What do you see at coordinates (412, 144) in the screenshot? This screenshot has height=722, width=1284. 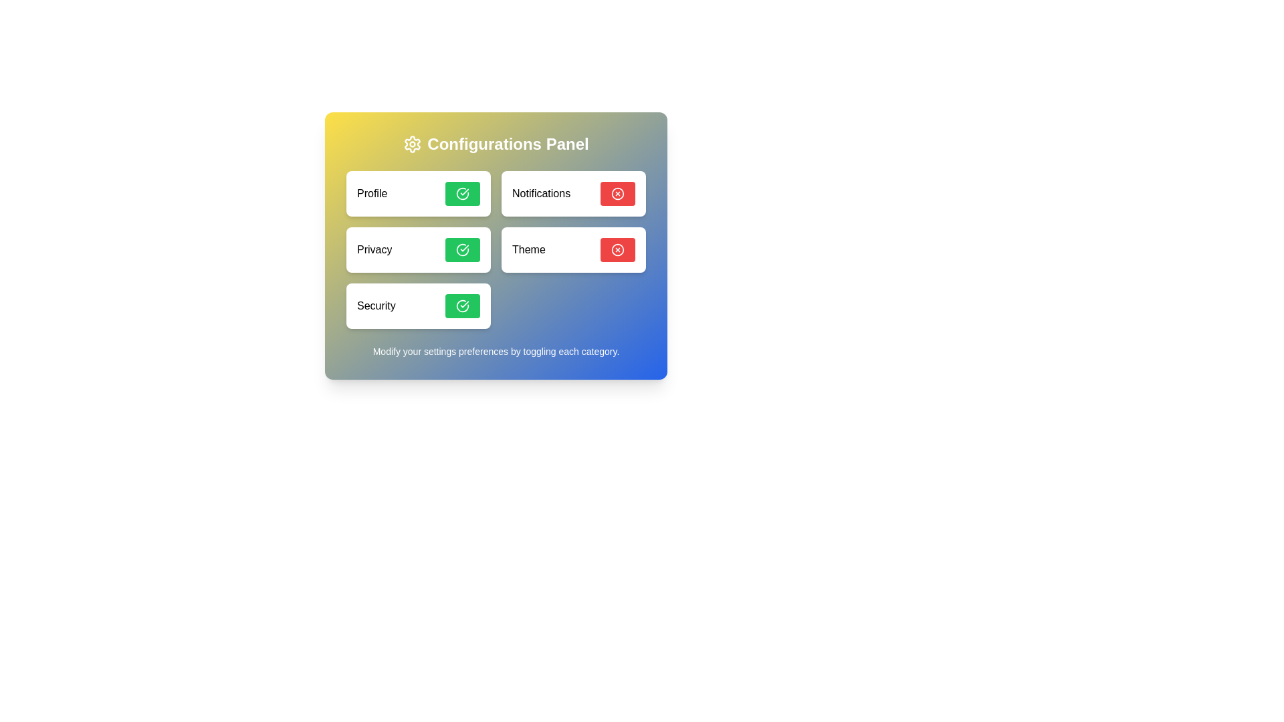 I see `the cogwheel icon located to the left of the 'Configurations Panel' title in the top section of the panel` at bounding box center [412, 144].